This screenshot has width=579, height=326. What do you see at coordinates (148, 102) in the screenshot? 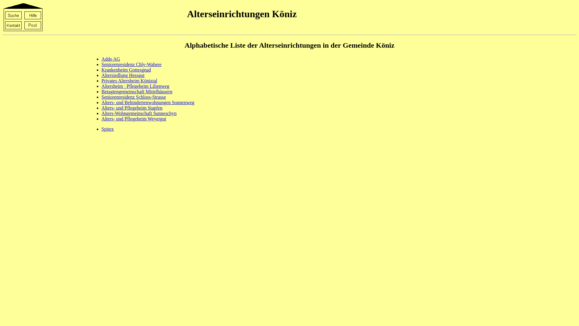
I see `'Alters- und Behindertenwohnungen Sonnenweg'` at bounding box center [148, 102].